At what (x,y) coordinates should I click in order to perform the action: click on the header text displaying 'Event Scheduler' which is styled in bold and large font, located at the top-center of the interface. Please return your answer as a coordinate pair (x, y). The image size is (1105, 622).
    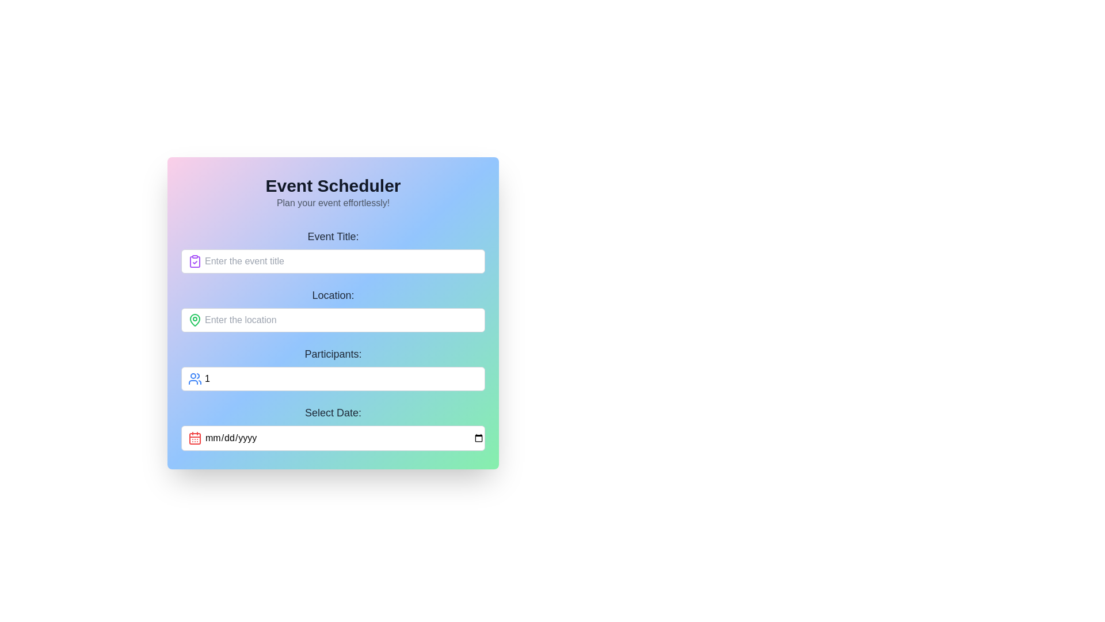
    Looking at the image, I should click on (333, 185).